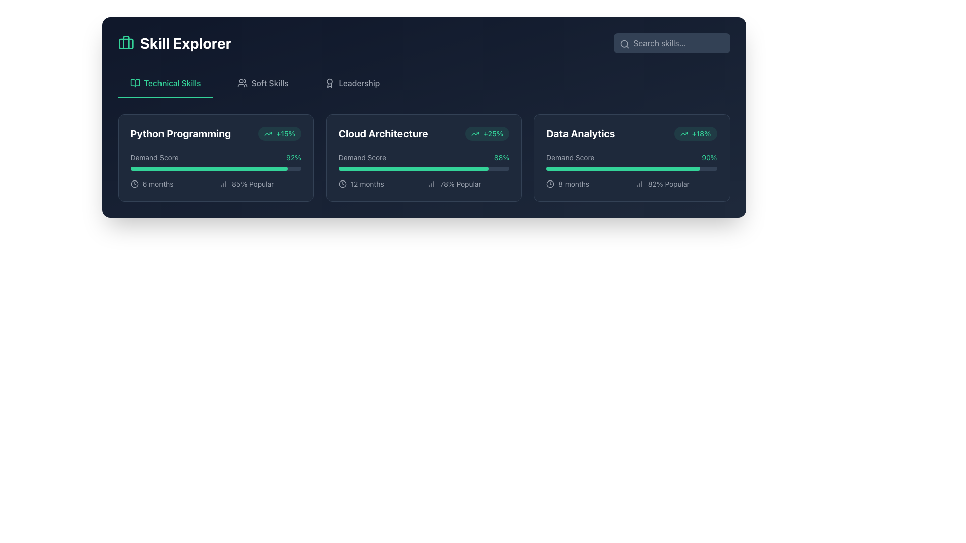  What do you see at coordinates (134, 82) in the screenshot?
I see `the icon representing the 'Technical Skills' section located in the main navigation bar, to the left of the 'Technical Skills' label` at bounding box center [134, 82].